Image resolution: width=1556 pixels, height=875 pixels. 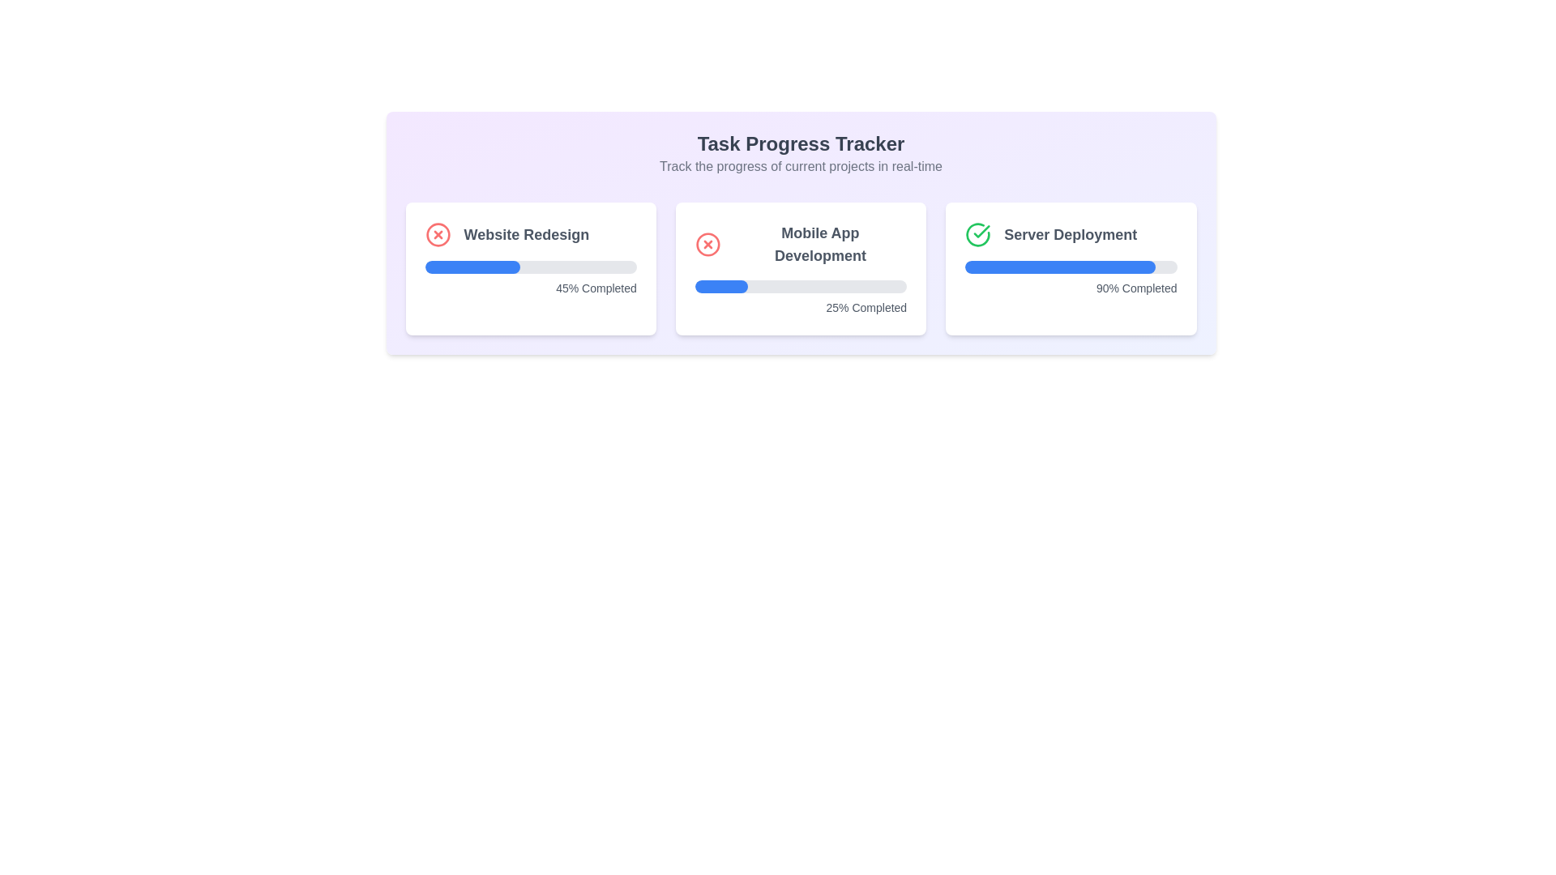 I want to click on the cancellation icon located in the top-left corner of the 'Website Redesign' panel, so click(x=438, y=234).